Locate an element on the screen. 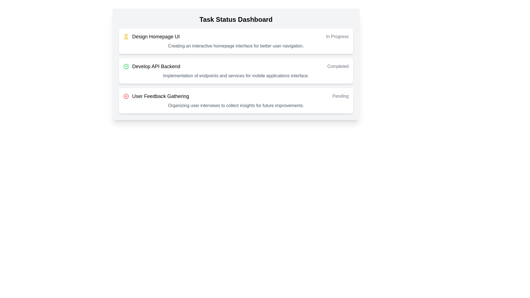 The height and width of the screenshot is (298, 530). label of the task located as the second item under the 'Task Status Dashboard' header in the task management interface is located at coordinates (156, 66).